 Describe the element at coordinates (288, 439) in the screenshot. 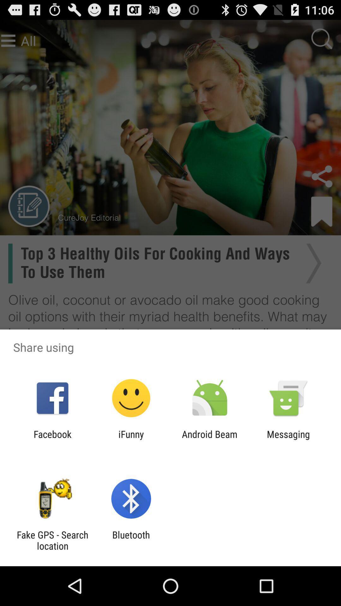

I see `the app to the right of android beam` at that location.